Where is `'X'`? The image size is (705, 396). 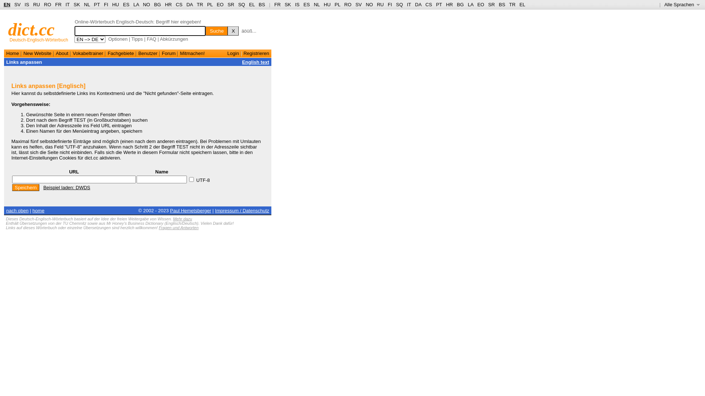
'X' is located at coordinates (232, 30).